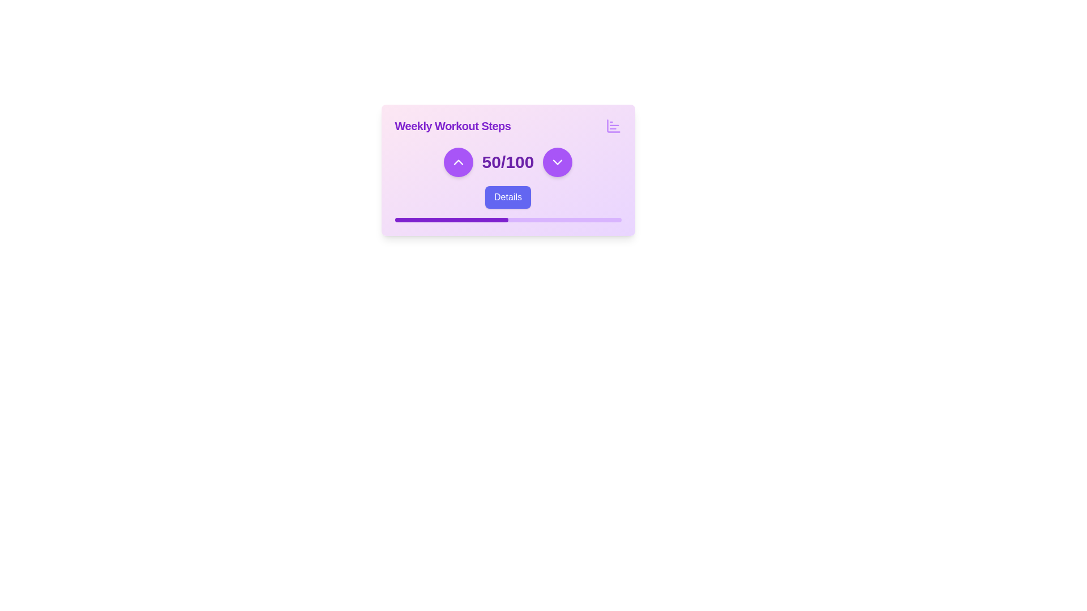  What do you see at coordinates (507, 162) in the screenshot?
I see `the bold text label displaying '50/100' with a large purple font, centrally aligned between two circular buttons containing up and down arrow icons` at bounding box center [507, 162].